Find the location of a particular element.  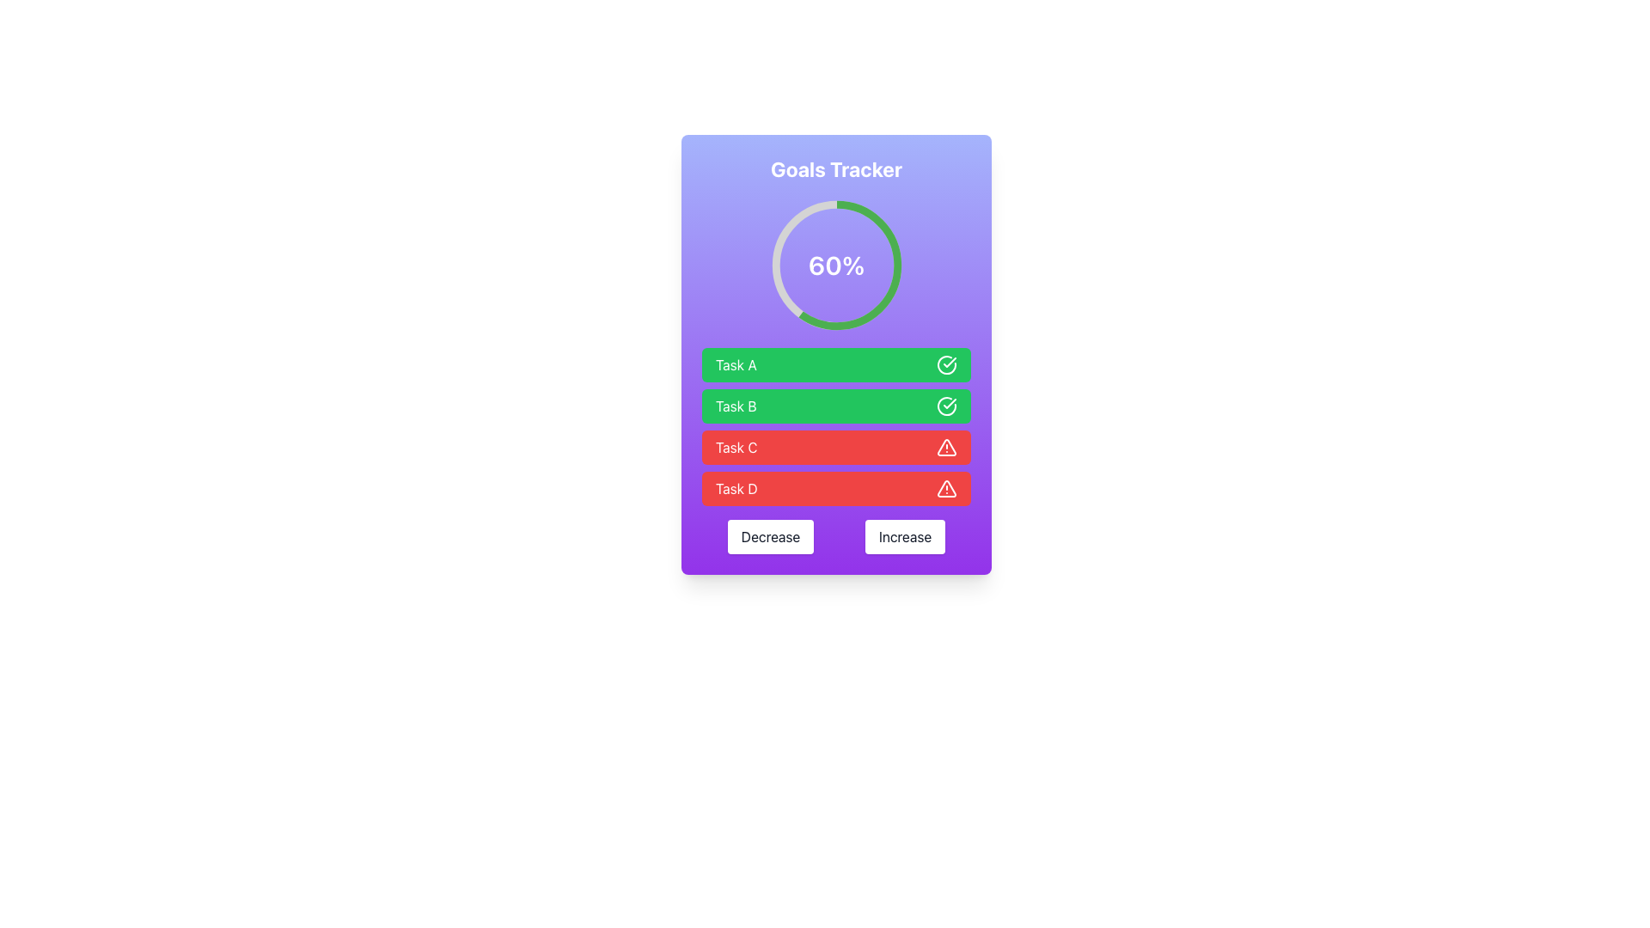

the warning alert icon associated with 'Task D' is located at coordinates (946, 488).